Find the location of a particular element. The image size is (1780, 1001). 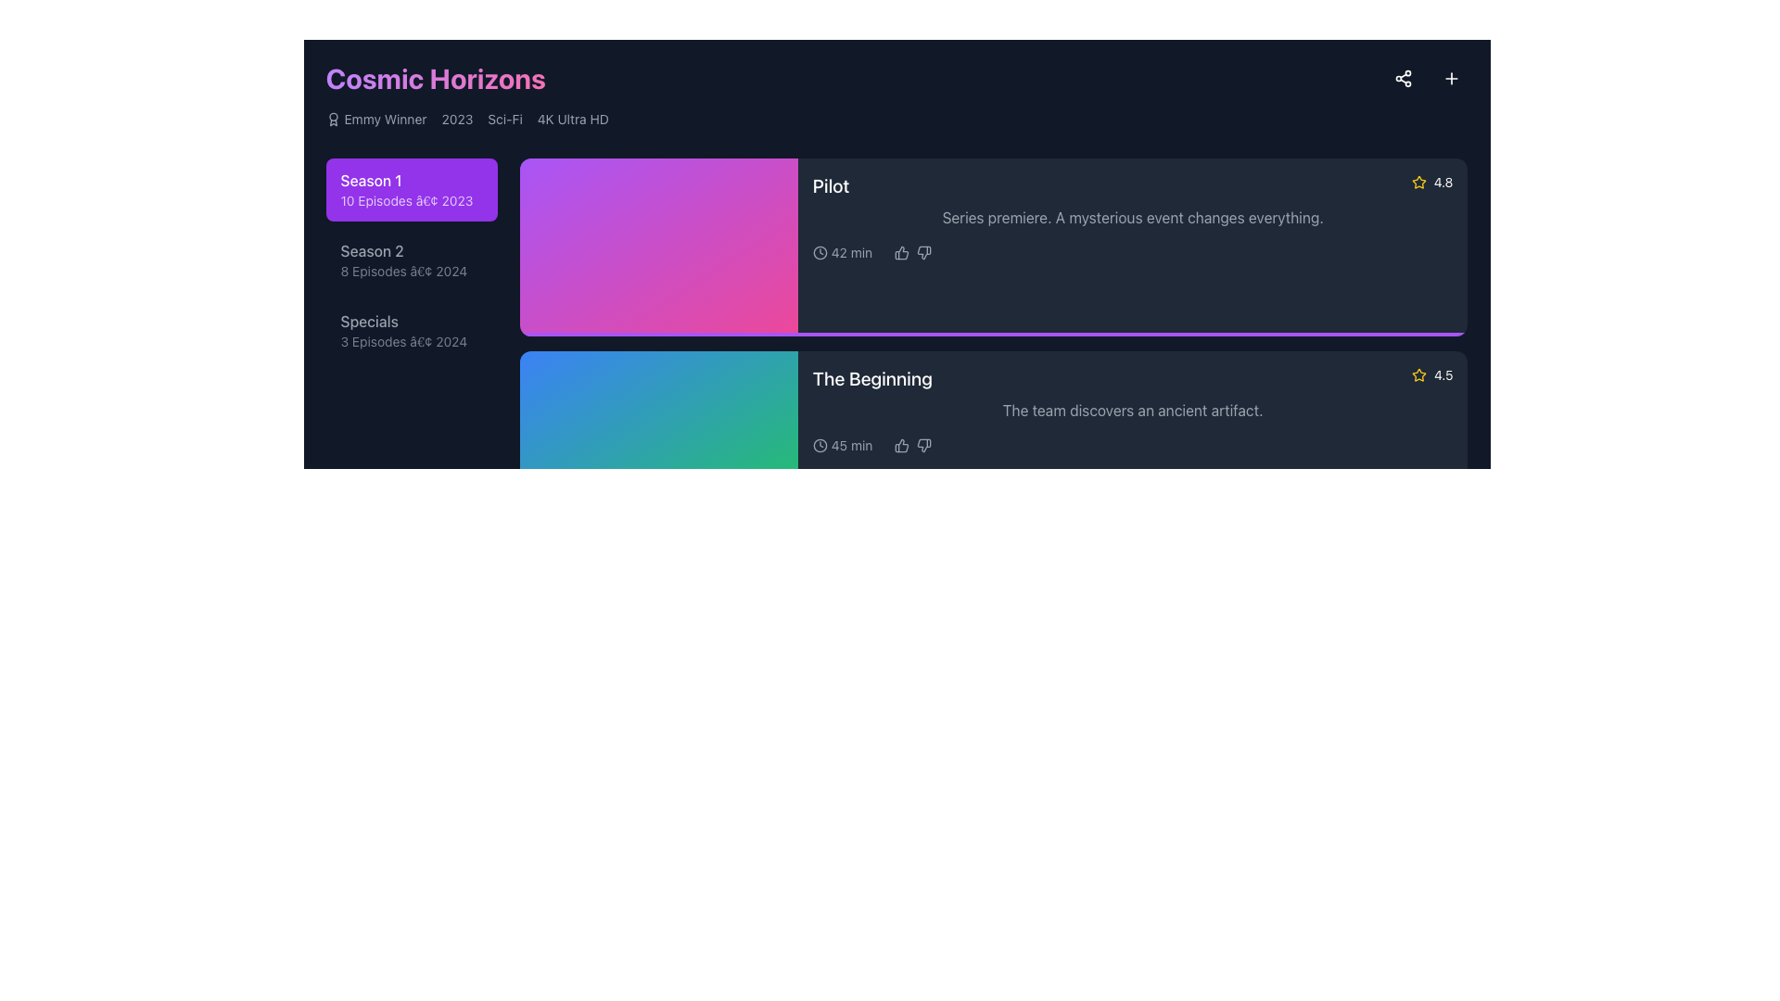

the thumbs-down icon button, which is styled gray but turns red when hovered over, located below the title 'The Beginning' as the second icon in a horizontal list is located at coordinates (924, 638).